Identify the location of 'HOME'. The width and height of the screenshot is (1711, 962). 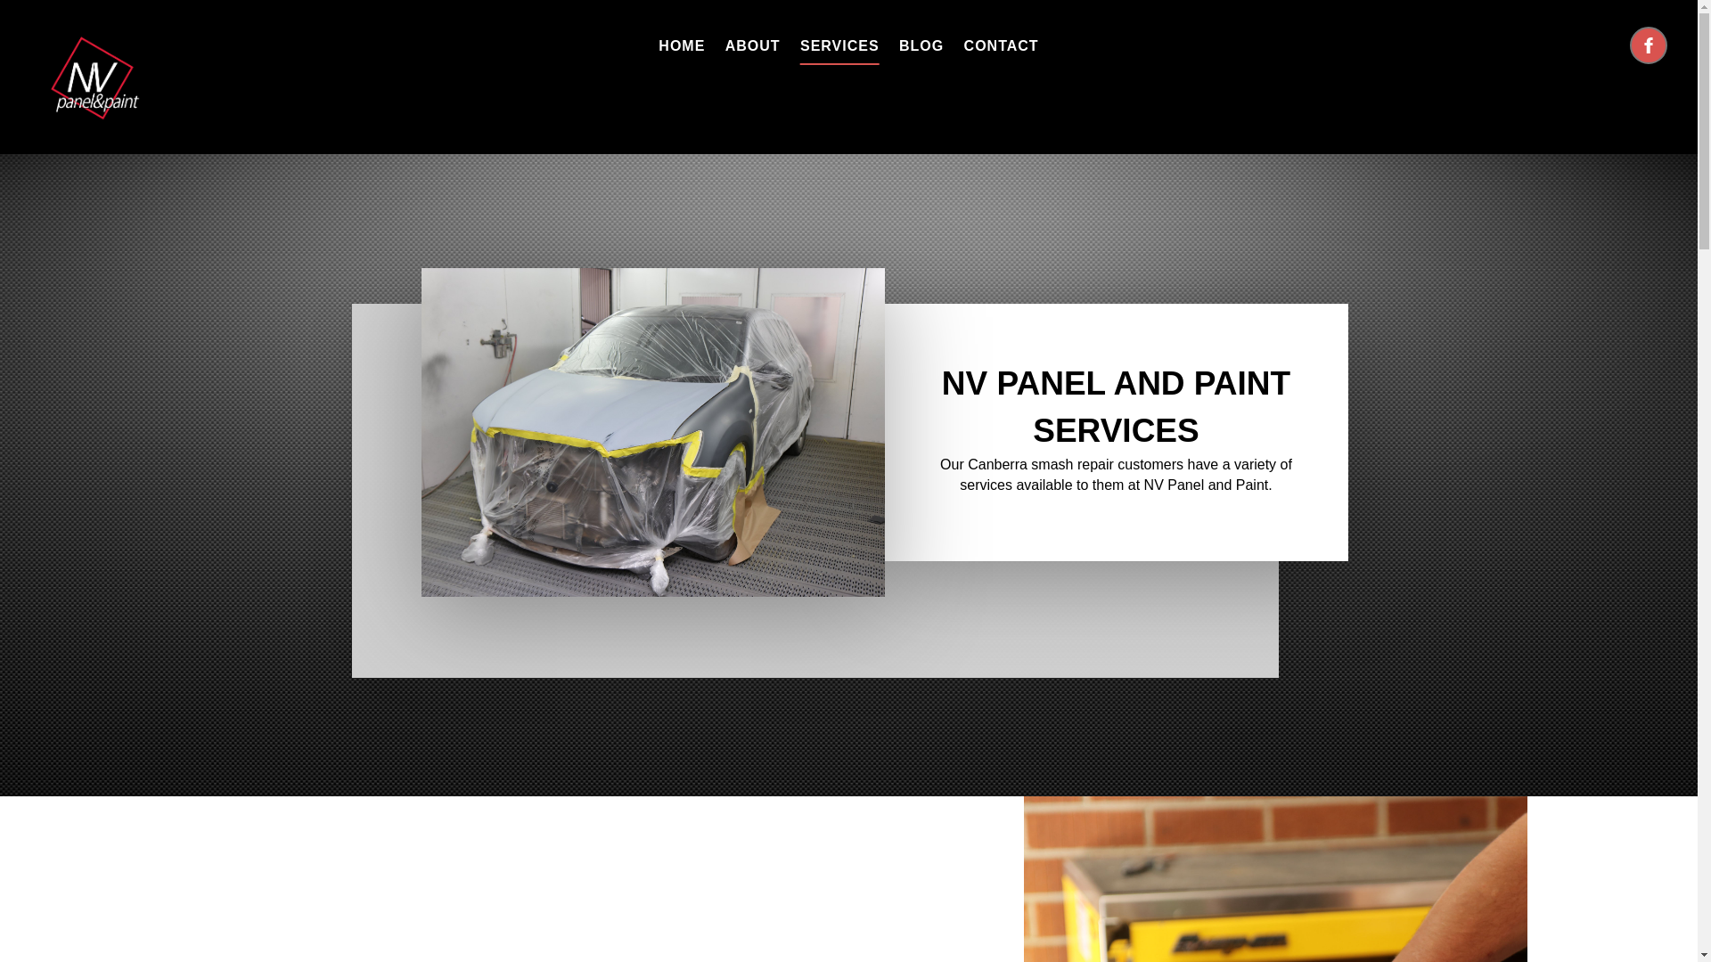
(680, 45).